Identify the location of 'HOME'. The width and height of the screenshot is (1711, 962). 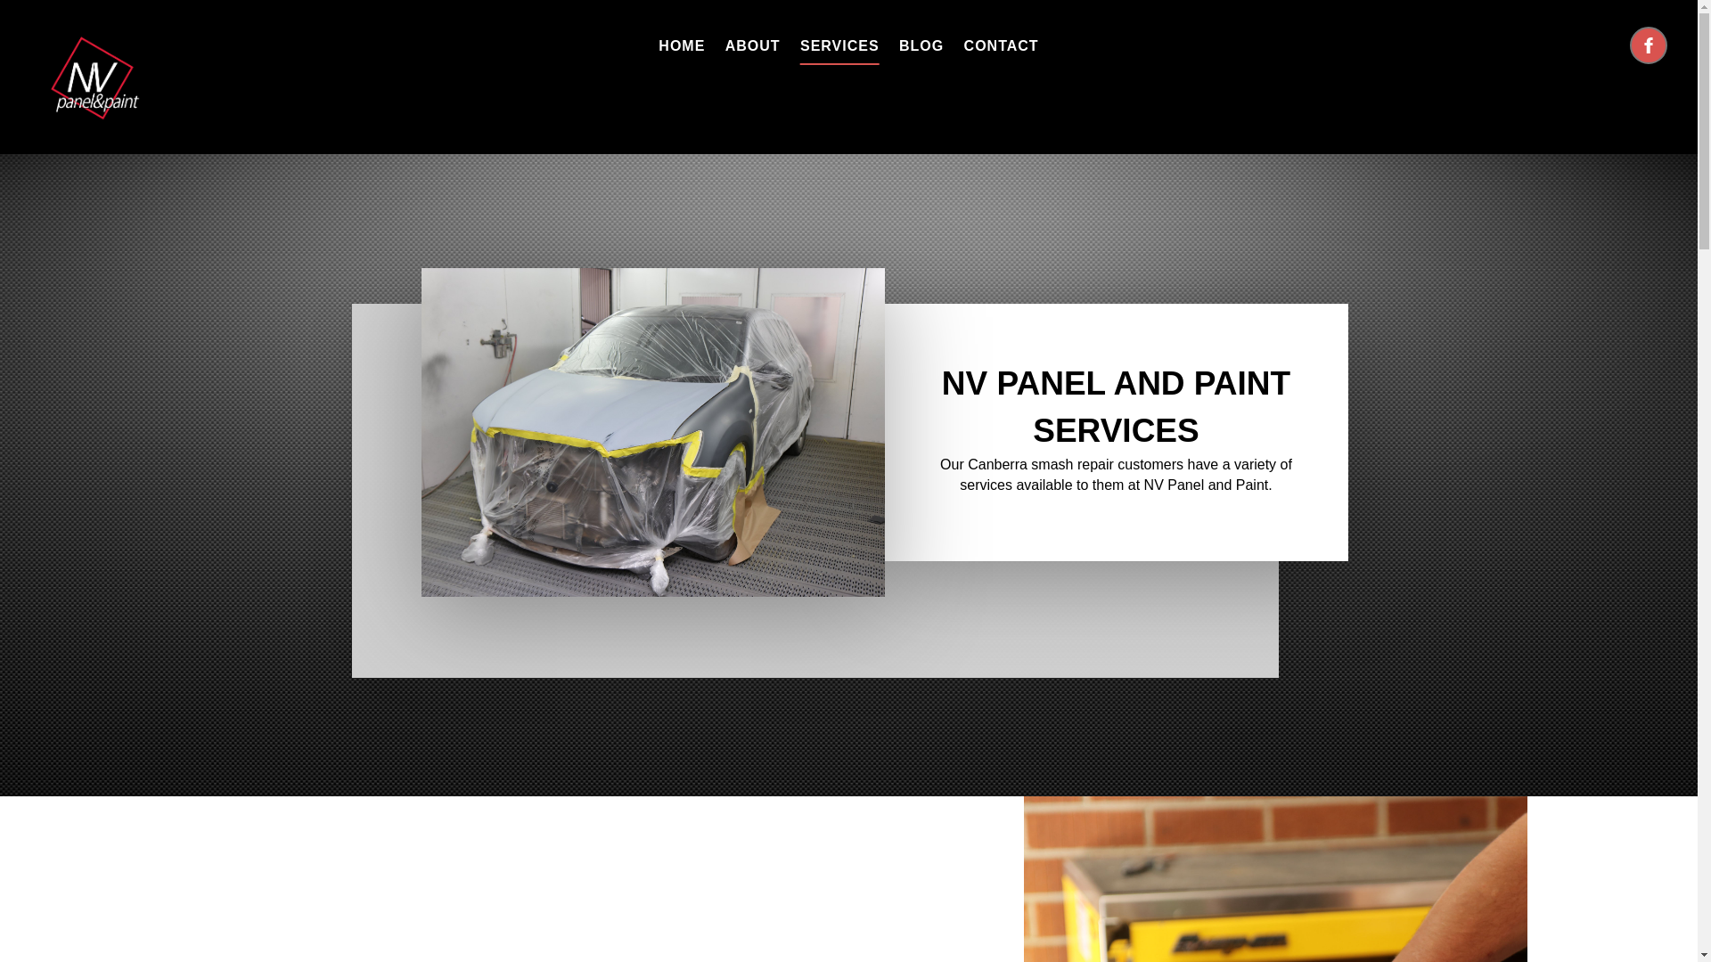
(680, 45).